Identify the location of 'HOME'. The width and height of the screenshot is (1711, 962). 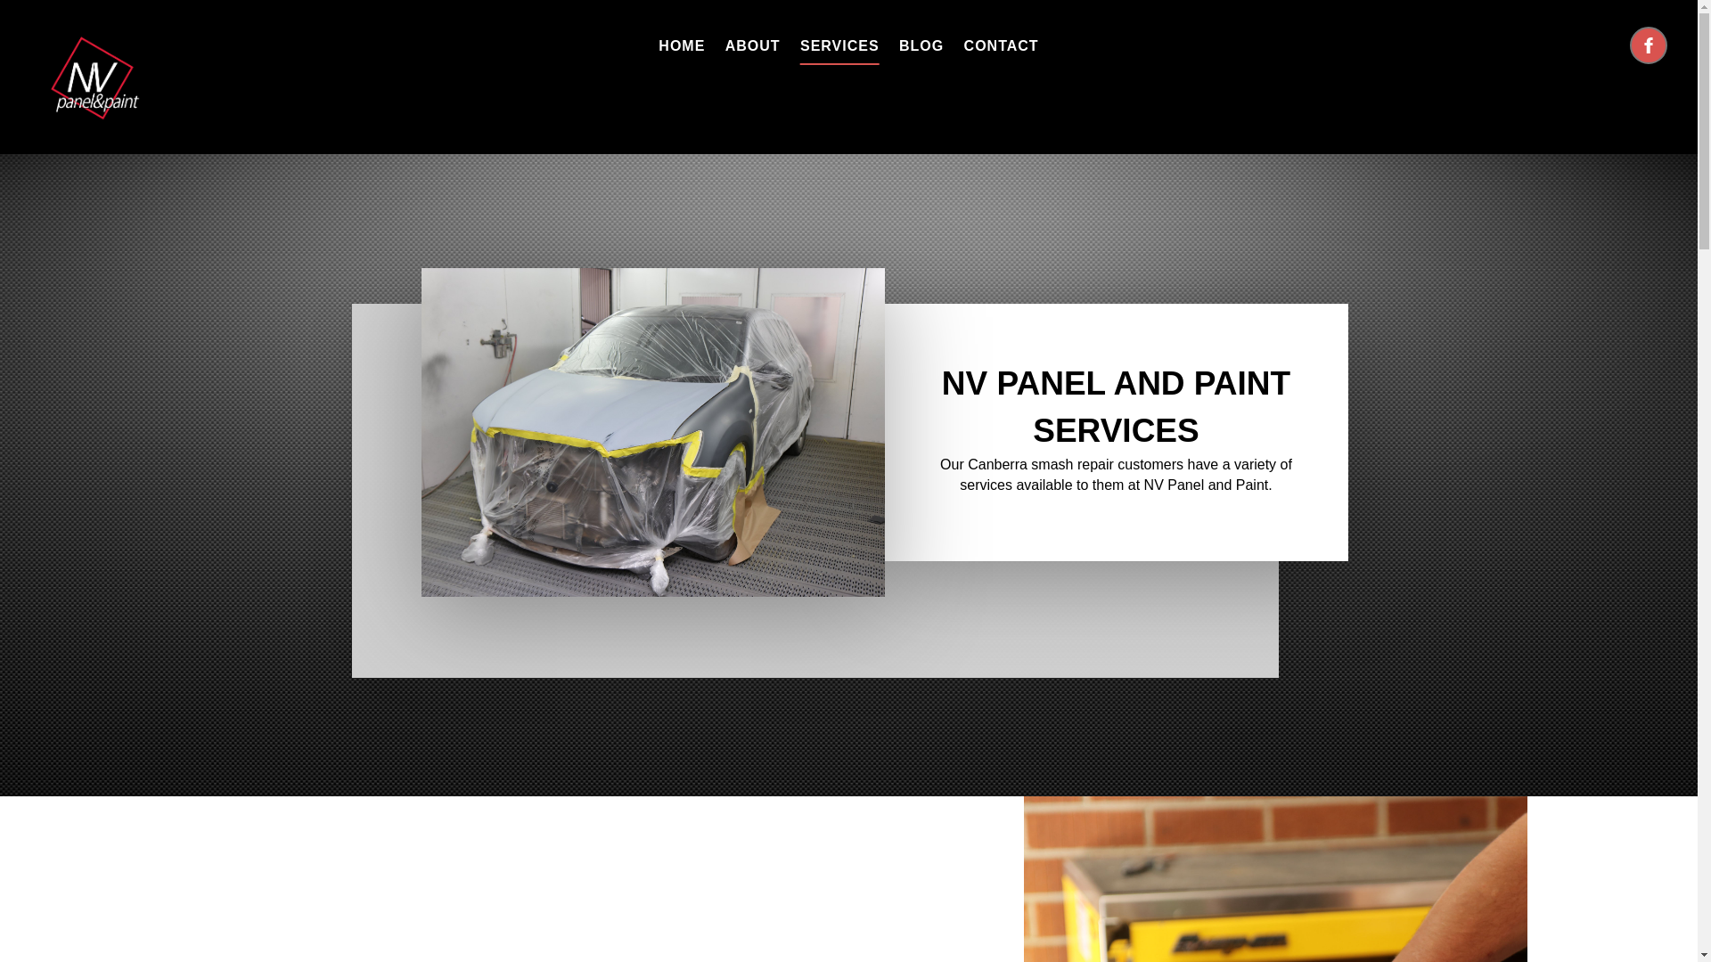
(680, 45).